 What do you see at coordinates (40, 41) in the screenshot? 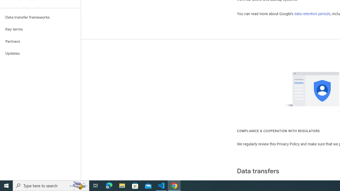
I see `'Partners'` at bounding box center [40, 41].